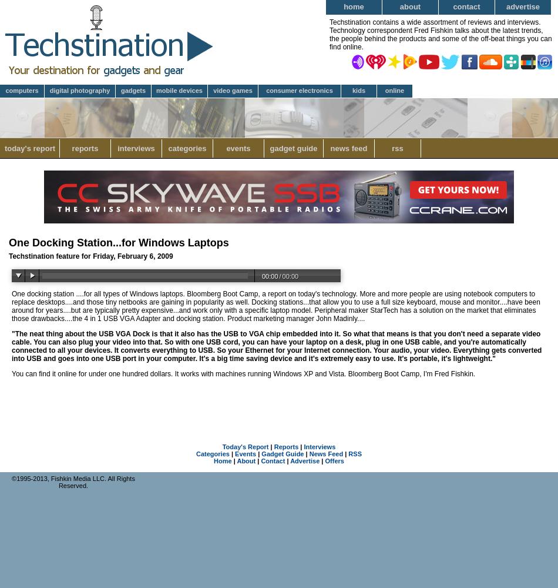  What do you see at coordinates (272, 461) in the screenshot?
I see `'Contact'` at bounding box center [272, 461].